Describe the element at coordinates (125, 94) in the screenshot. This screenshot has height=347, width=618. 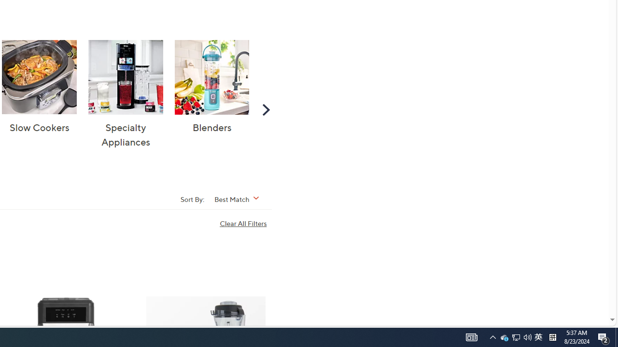
I see `'Specialty Appliances Specialty Appliances'` at that location.